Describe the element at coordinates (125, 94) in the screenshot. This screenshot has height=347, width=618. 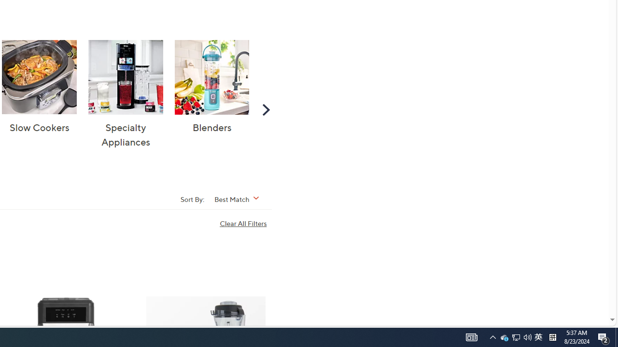
I see `'Specialty Appliances Specialty Appliances'` at that location.